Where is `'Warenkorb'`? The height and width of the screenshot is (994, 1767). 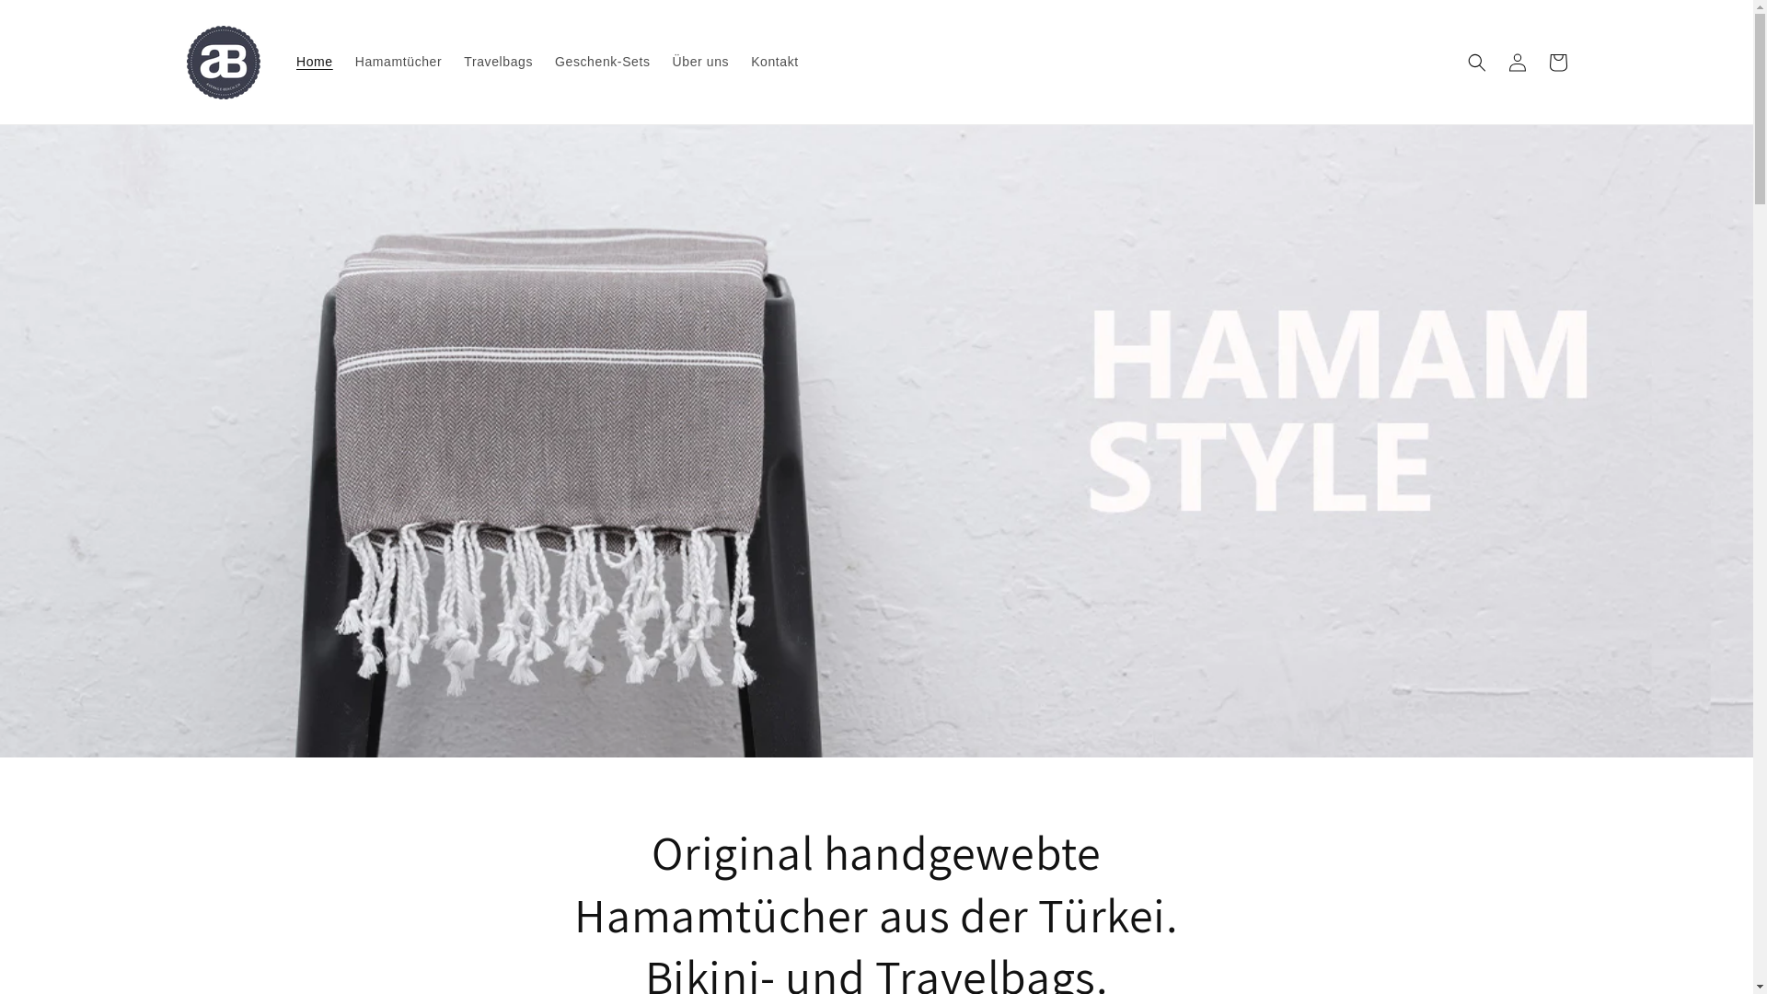 'Warenkorb' is located at coordinates (1555, 62).